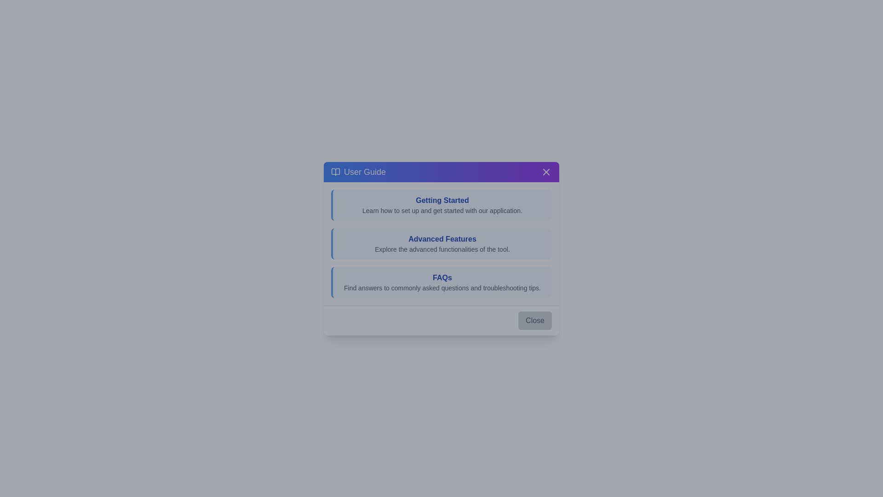 The width and height of the screenshot is (883, 497). I want to click on the text element that provides additional descriptive information about the 'Advanced Features' section, located beneath the bold text within a highlighted section with a blue border, so click(442, 248).